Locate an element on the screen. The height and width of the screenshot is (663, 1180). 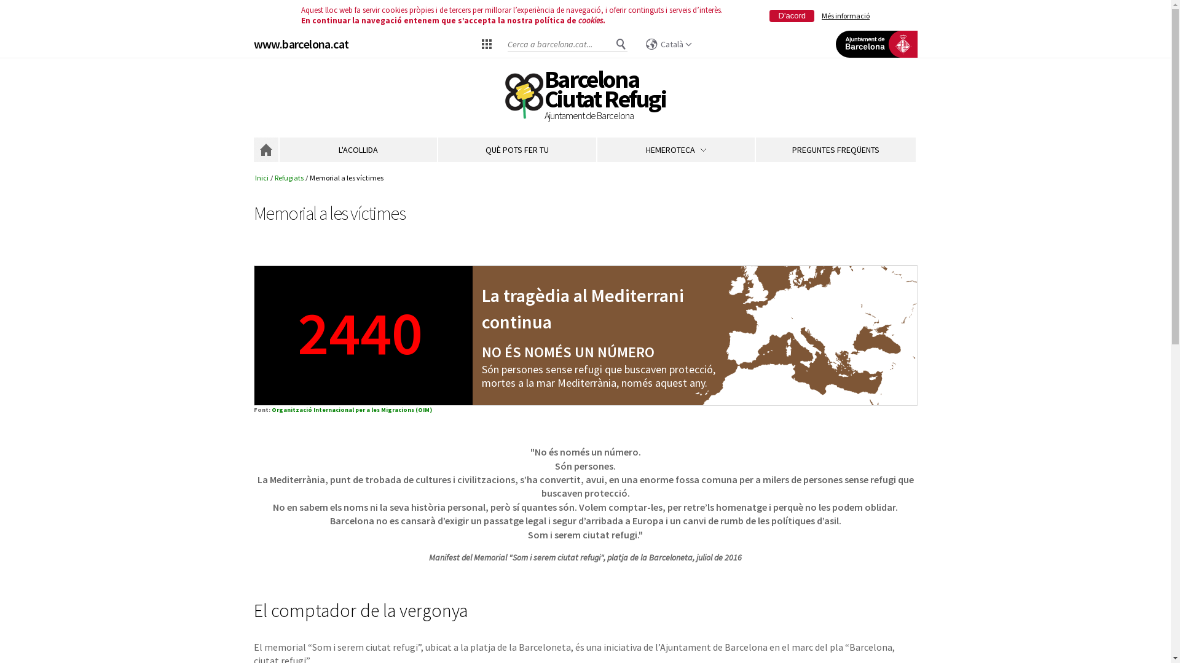
'Barcelona is located at coordinates (605, 96).